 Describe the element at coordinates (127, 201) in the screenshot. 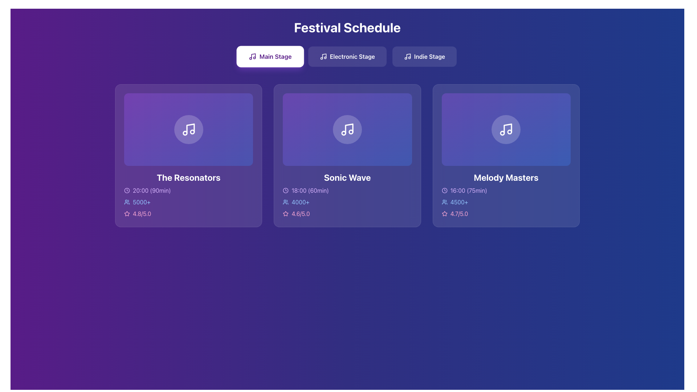

I see `the small icon representing user-related statistics, which is located to the left of the text '5000+' under the event 'The Resonators.'` at that location.